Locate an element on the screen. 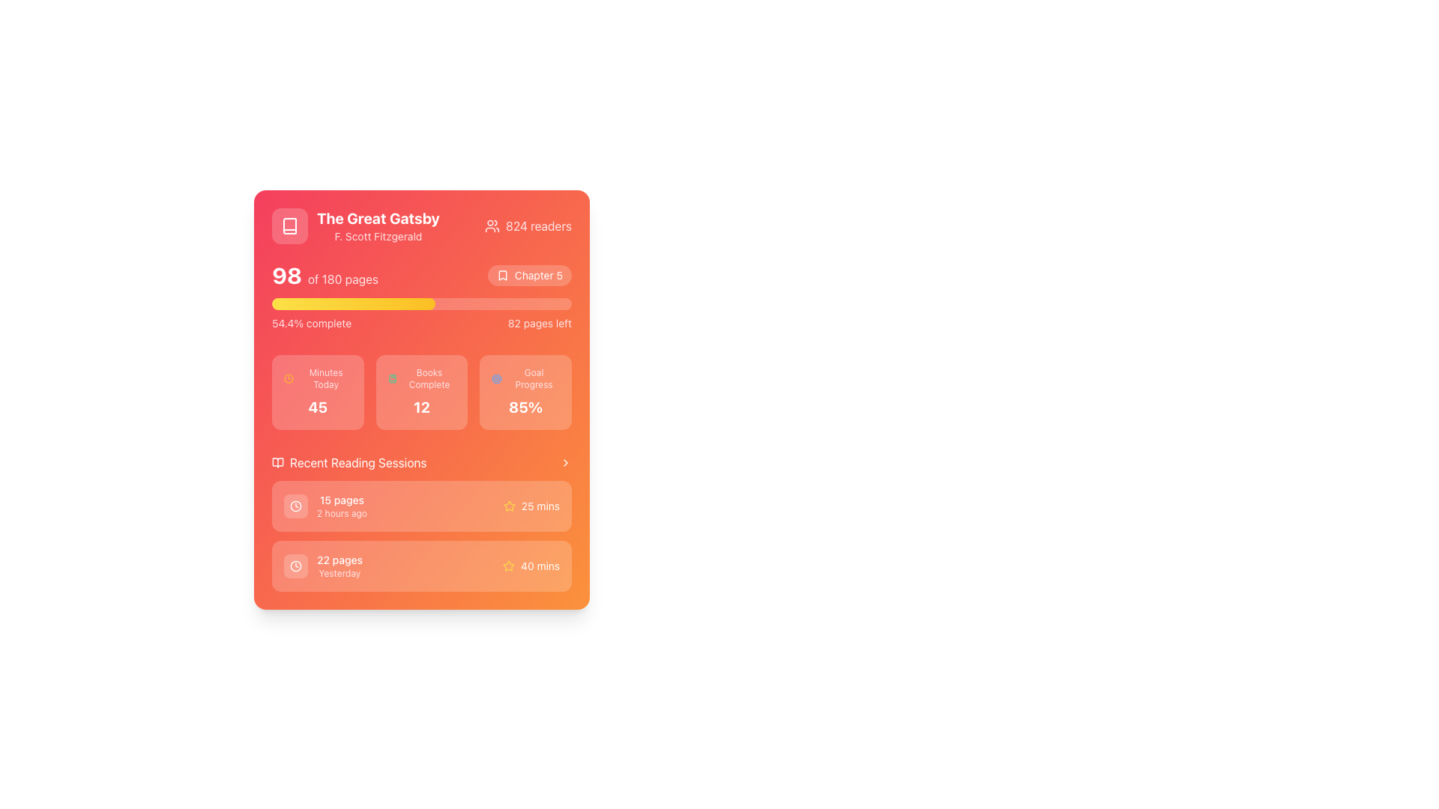  displayed information from the Information display showing '22 pages Yesterday' with a clock icon, located in the Recent Reading Sessions list is located at coordinates (322, 566).